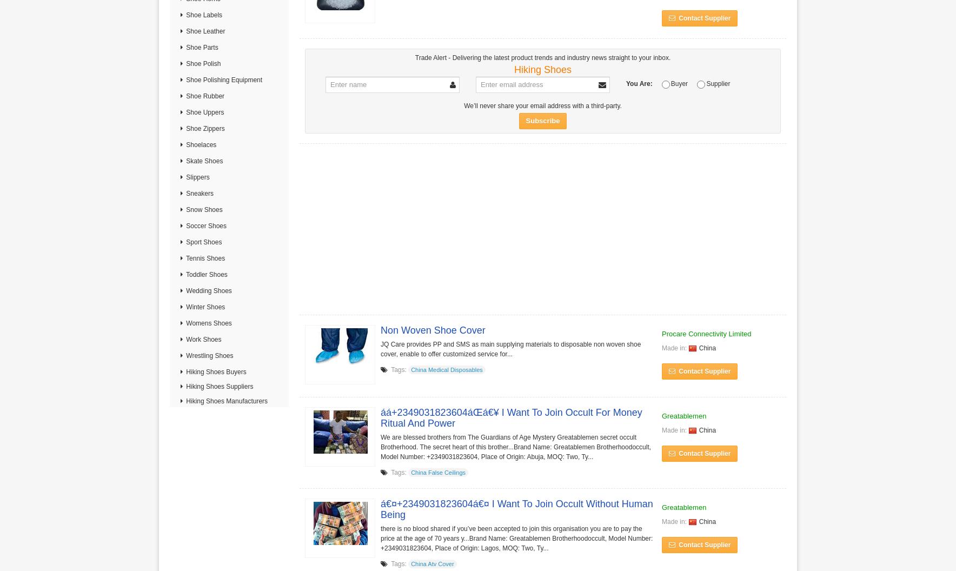 The image size is (956, 571). I want to click on 'áá+2349031823604áŒá€¥ I Want To Join Occult For Money Ritual And Power', so click(510, 417).